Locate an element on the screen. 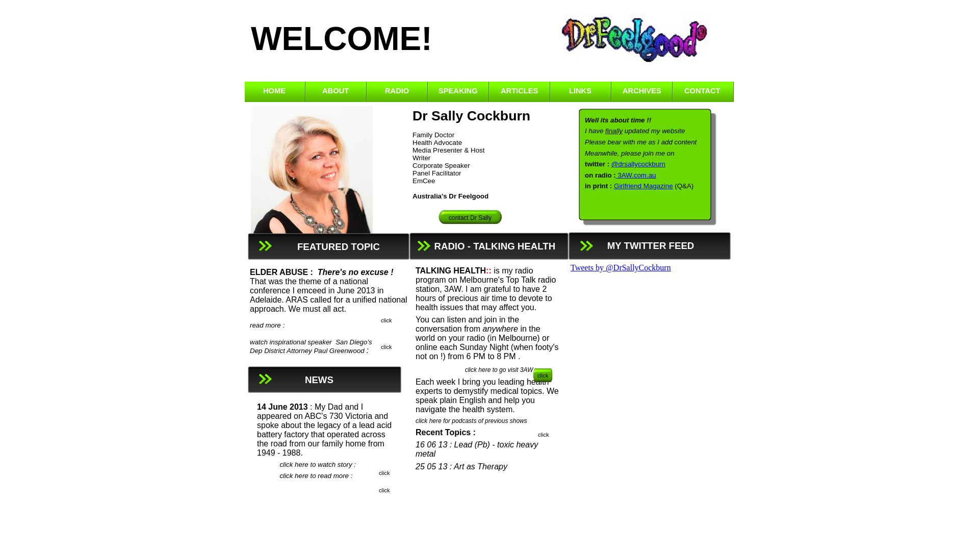 Image resolution: width=979 pixels, height=551 pixels. 'Girlfriend Magazine' is located at coordinates (613, 185).